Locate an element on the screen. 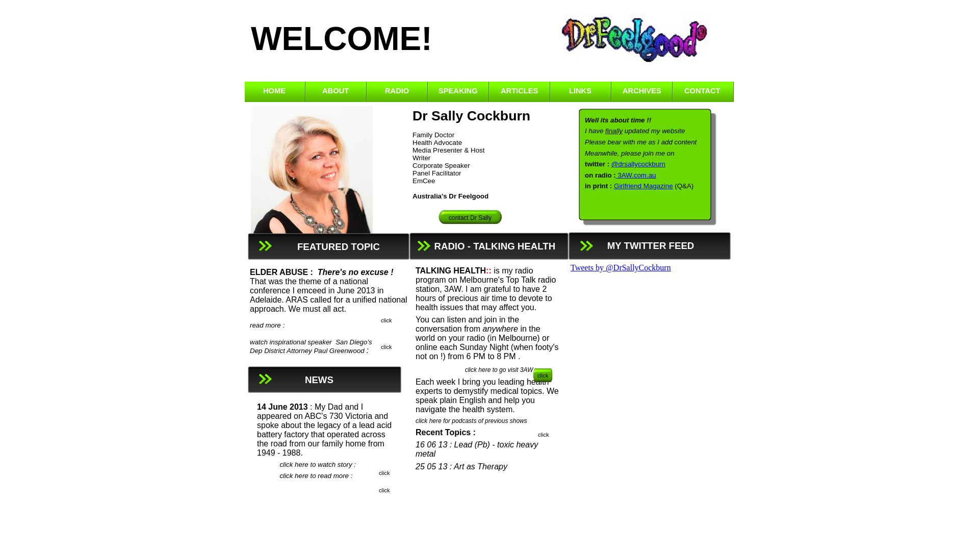 Image resolution: width=979 pixels, height=551 pixels. 'Girlfriend Magazine' is located at coordinates (613, 185).